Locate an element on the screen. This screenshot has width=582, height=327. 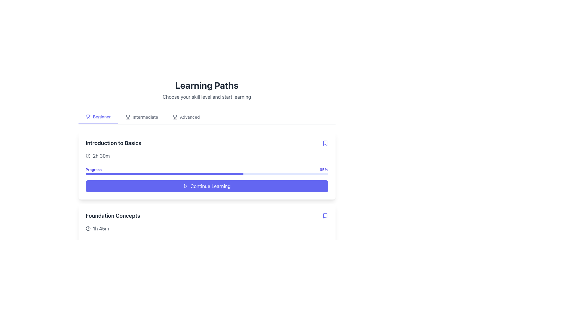
the SVG icon element that indicates the duration for the learning module, located to the left of the text '2h 30m' in the 'Introduction to Basics' section is located at coordinates (88, 156).